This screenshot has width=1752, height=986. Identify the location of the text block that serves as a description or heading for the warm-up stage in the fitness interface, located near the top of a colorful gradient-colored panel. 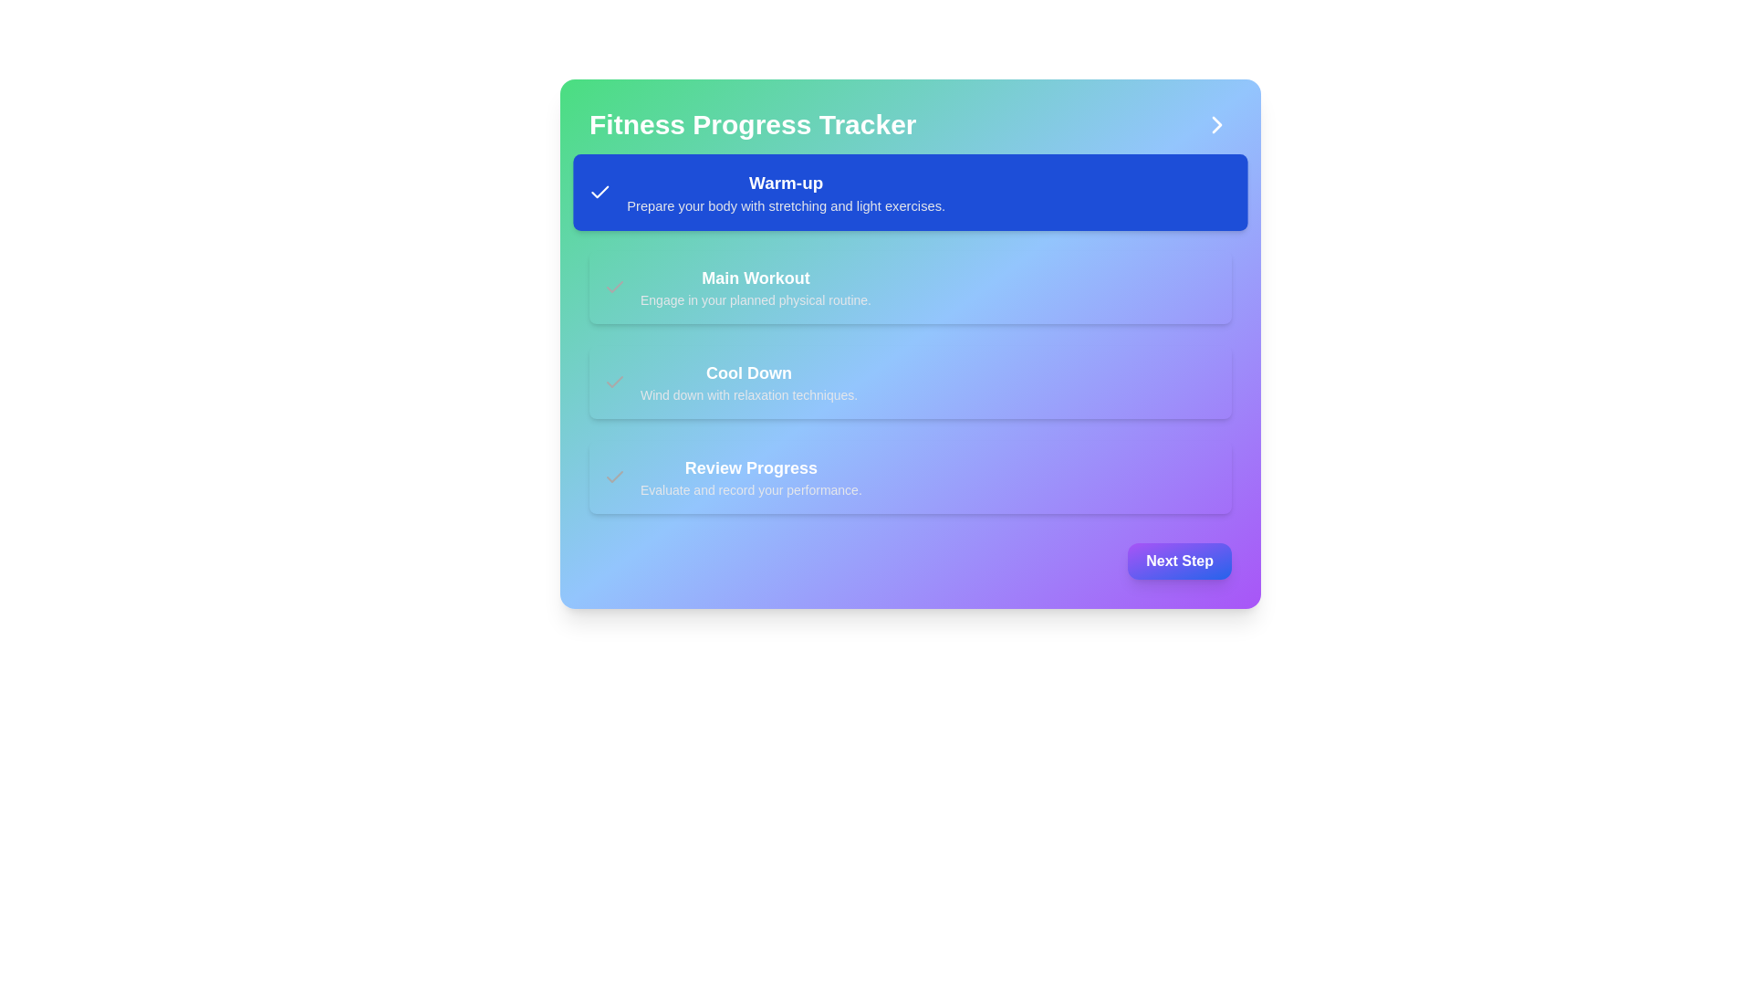
(786, 193).